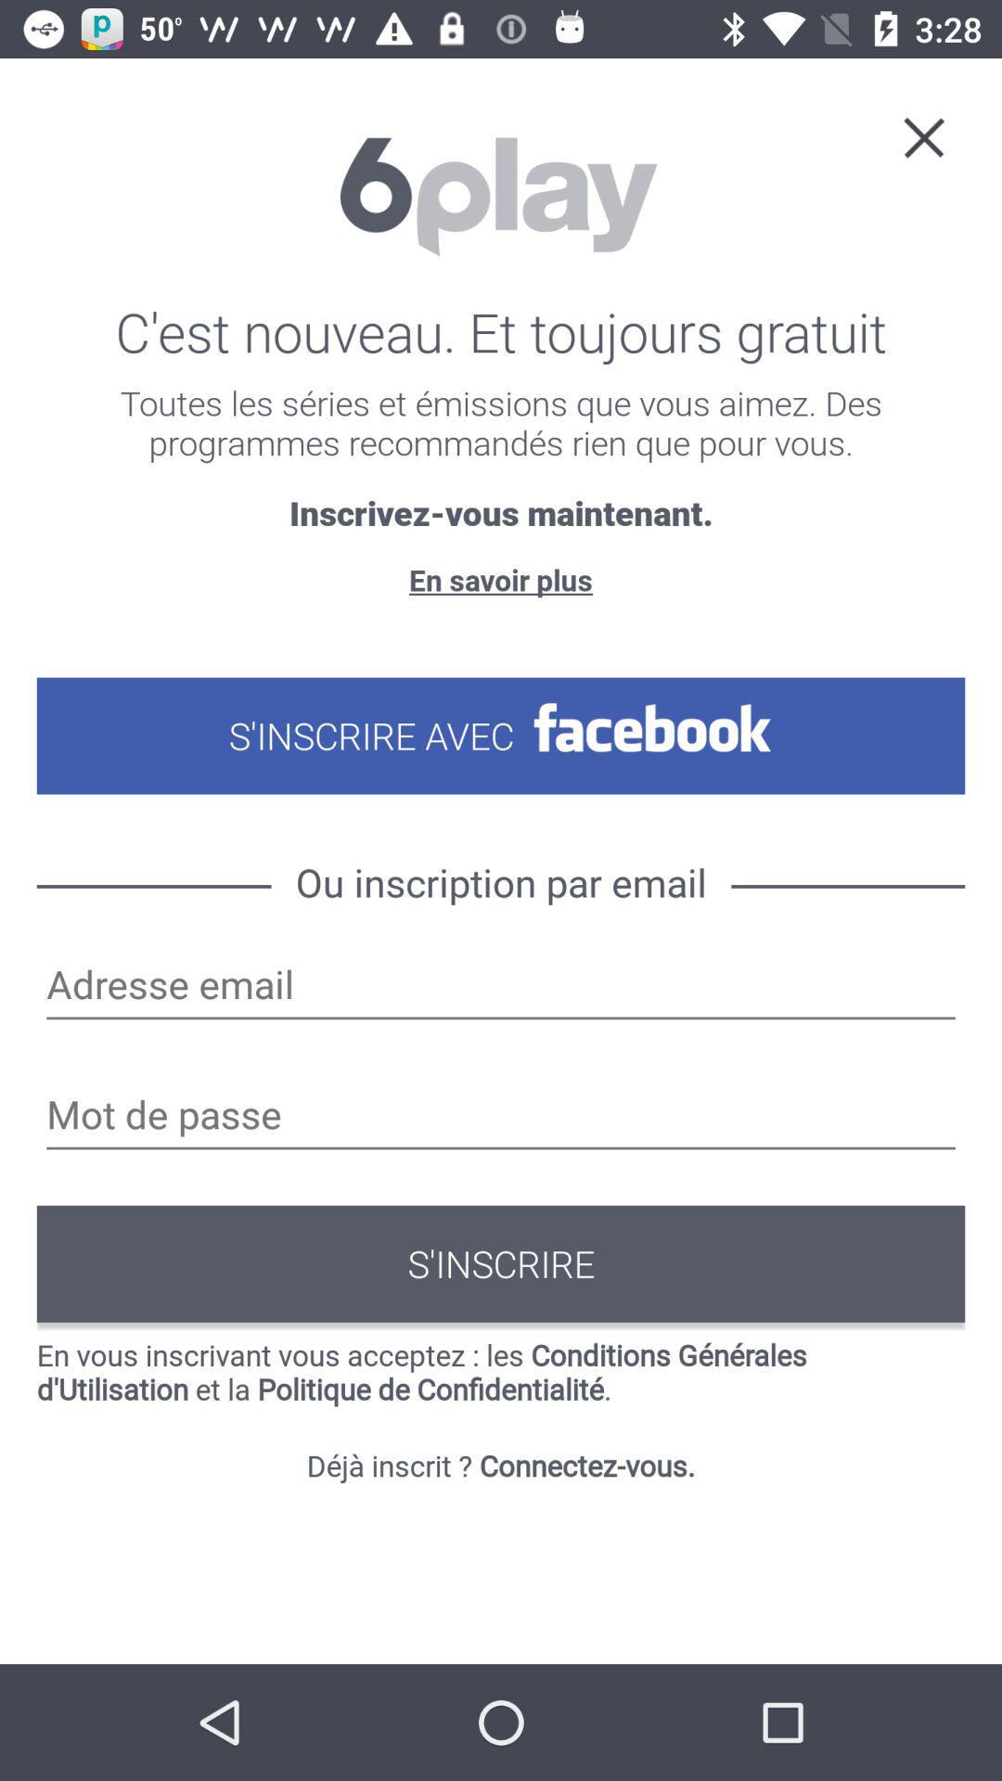 The height and width of the screenshot is (1781, 1002). What do you see at coordinates (923, 135) in the screenshot?
I see `item above c est nouveau item` at bounding box center [923, 135].